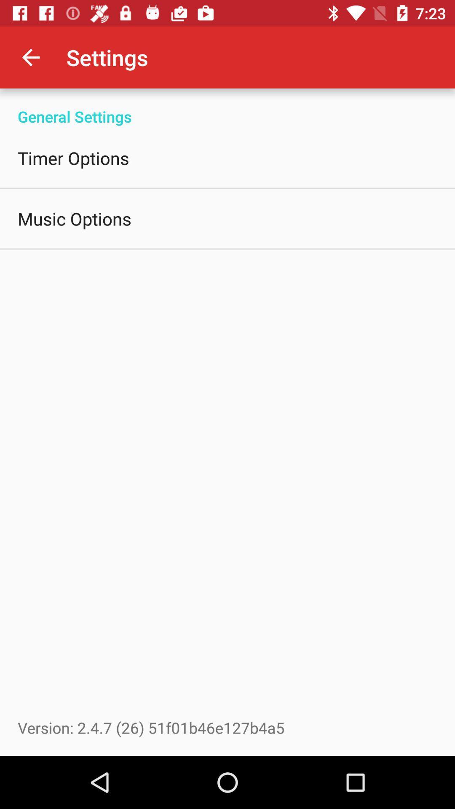 This screenshot has width=455, height=809. What do you see at coordinates (73, 158) in the screenshot?
I see `the timer options` at bounding box center [73, 158].